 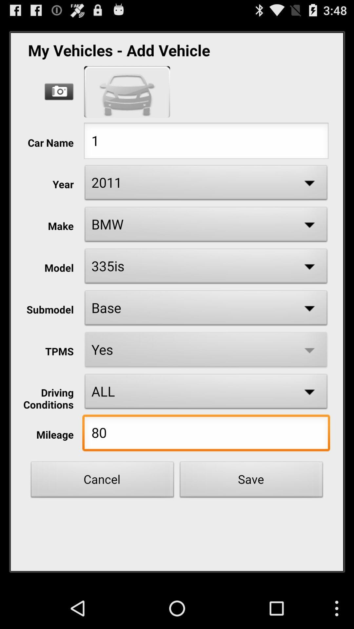 What do you see at coordinates (59, 91) in the screenshot?
I see `to add picture` at bounding box center [59, 91].